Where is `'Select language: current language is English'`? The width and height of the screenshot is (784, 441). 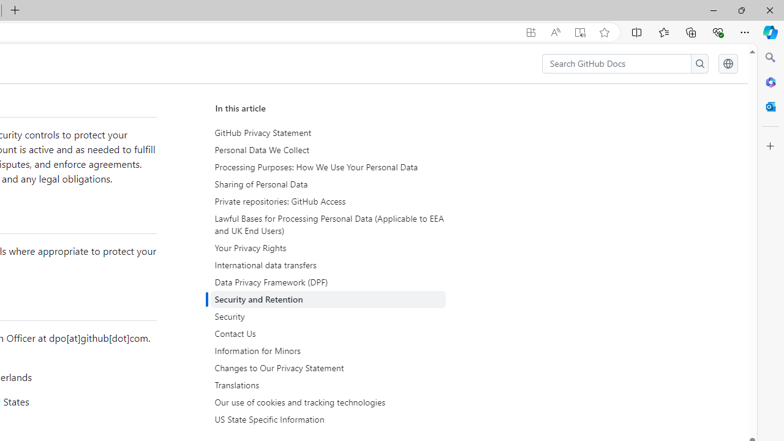
'Select language: current language is English' is located at coordinates (728, 64).